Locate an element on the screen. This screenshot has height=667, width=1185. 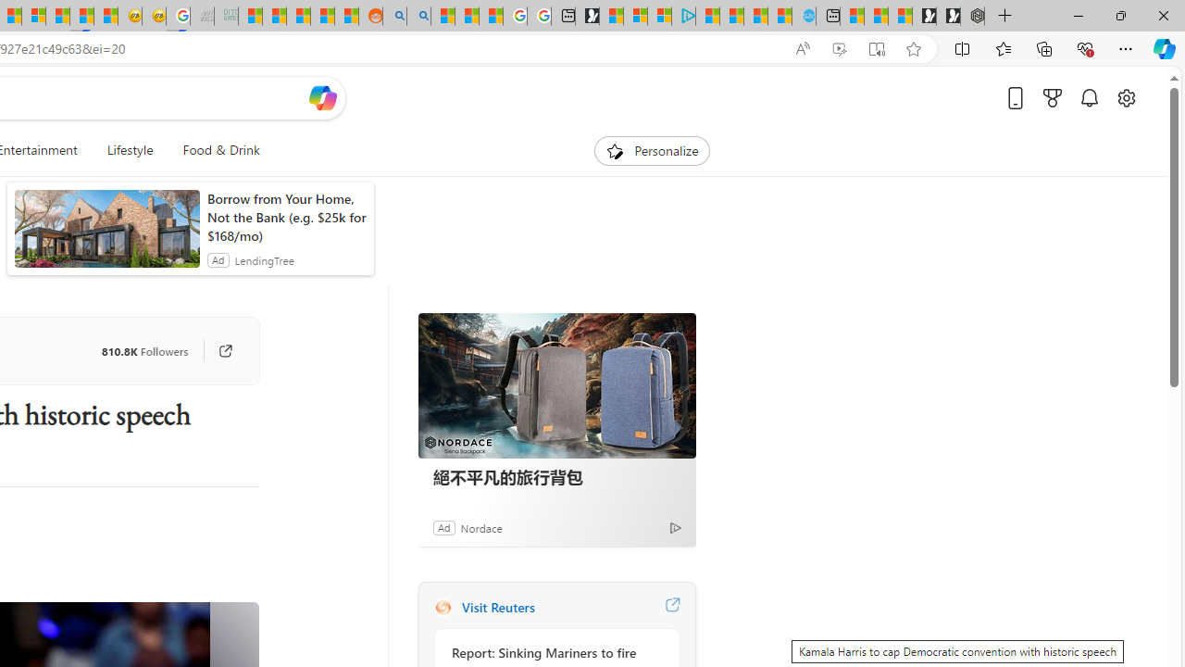
'Food & Drink' is located at coordinates (221, 150).